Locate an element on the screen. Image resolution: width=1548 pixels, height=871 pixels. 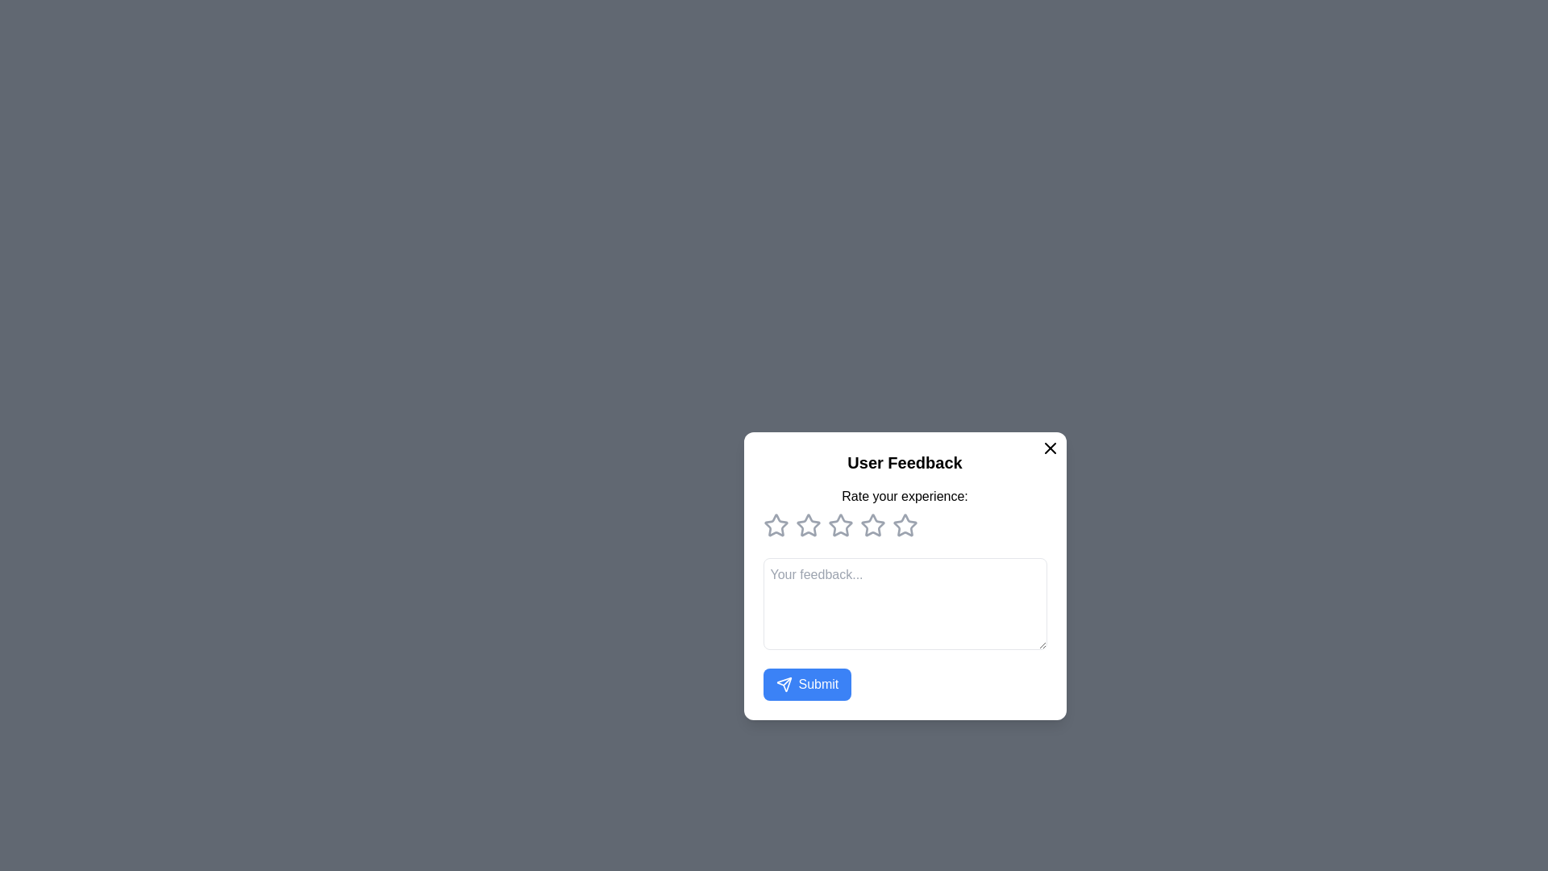
the 'Submit Feedback' button located at the bottom-right corner of the 'User Feedback' popup is located at coordinates (807, 684).